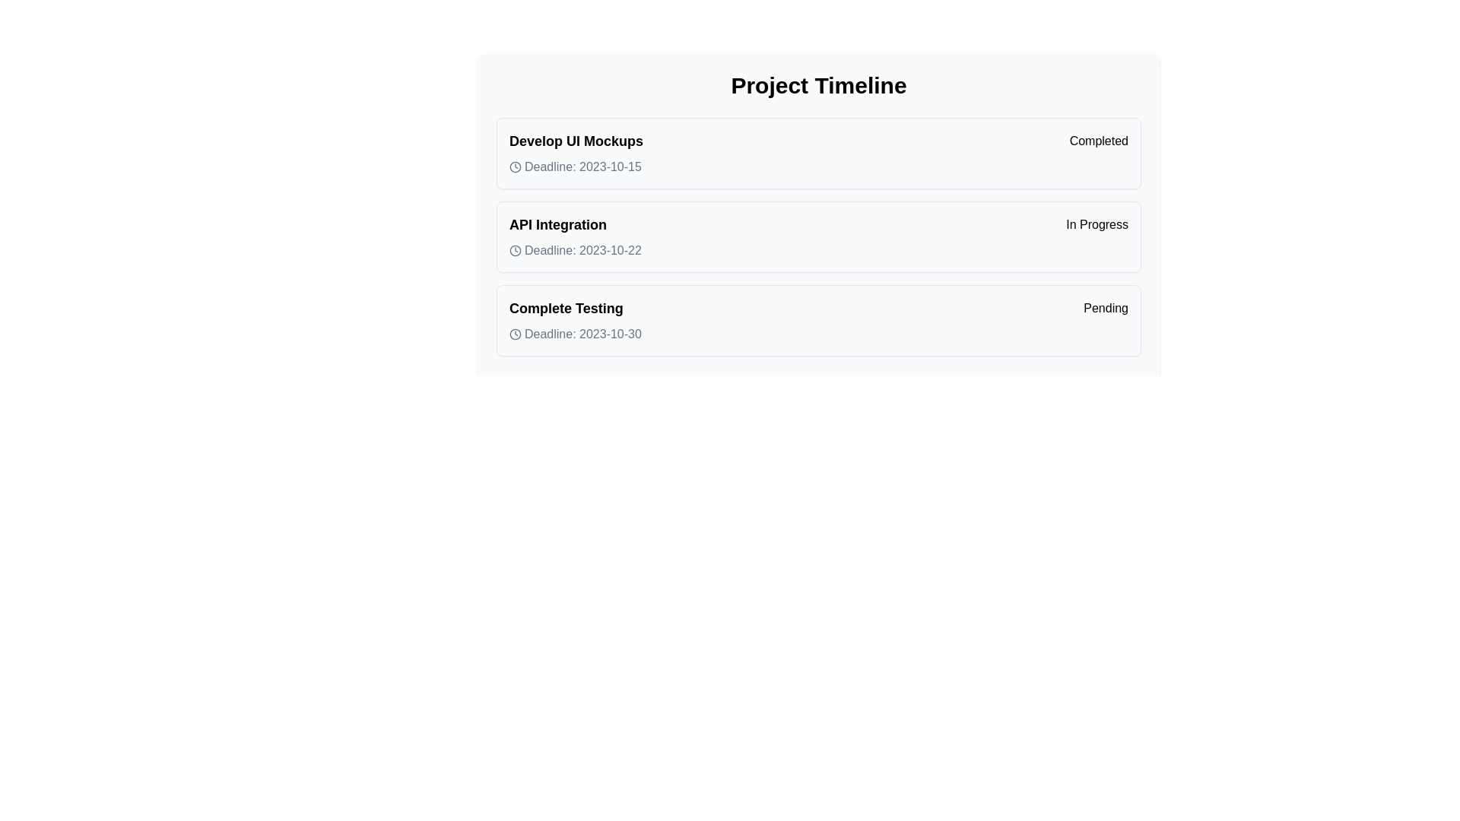  Describe the element at coordinates (817, 237) in the screenshot. I see `the timeline entry list item titled 'API Integration' with the status 'In Progress' and deadline 'Deadline: 2023-10-22'` at that location.